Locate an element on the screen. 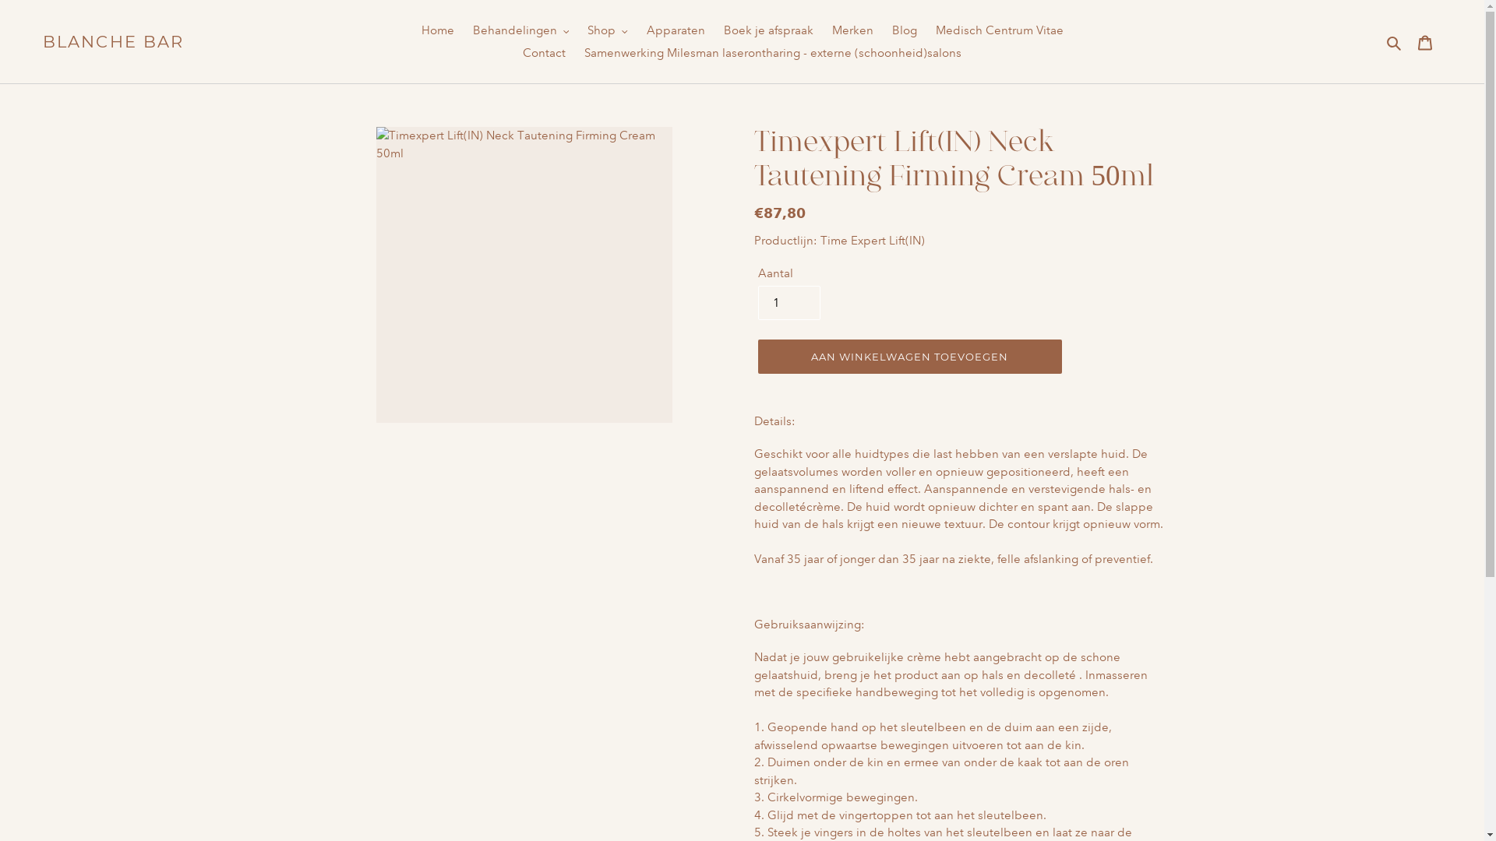  'Behandelingen' is located at coordinates (520, 30).